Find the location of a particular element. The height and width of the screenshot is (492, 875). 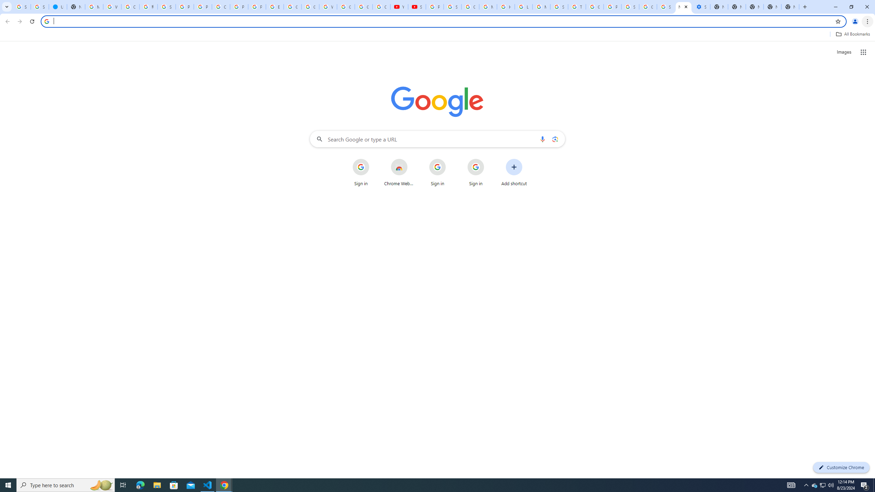

'Google Cybersecurity Innovations - Google Safety Center' is located at coordinates (648, 6).